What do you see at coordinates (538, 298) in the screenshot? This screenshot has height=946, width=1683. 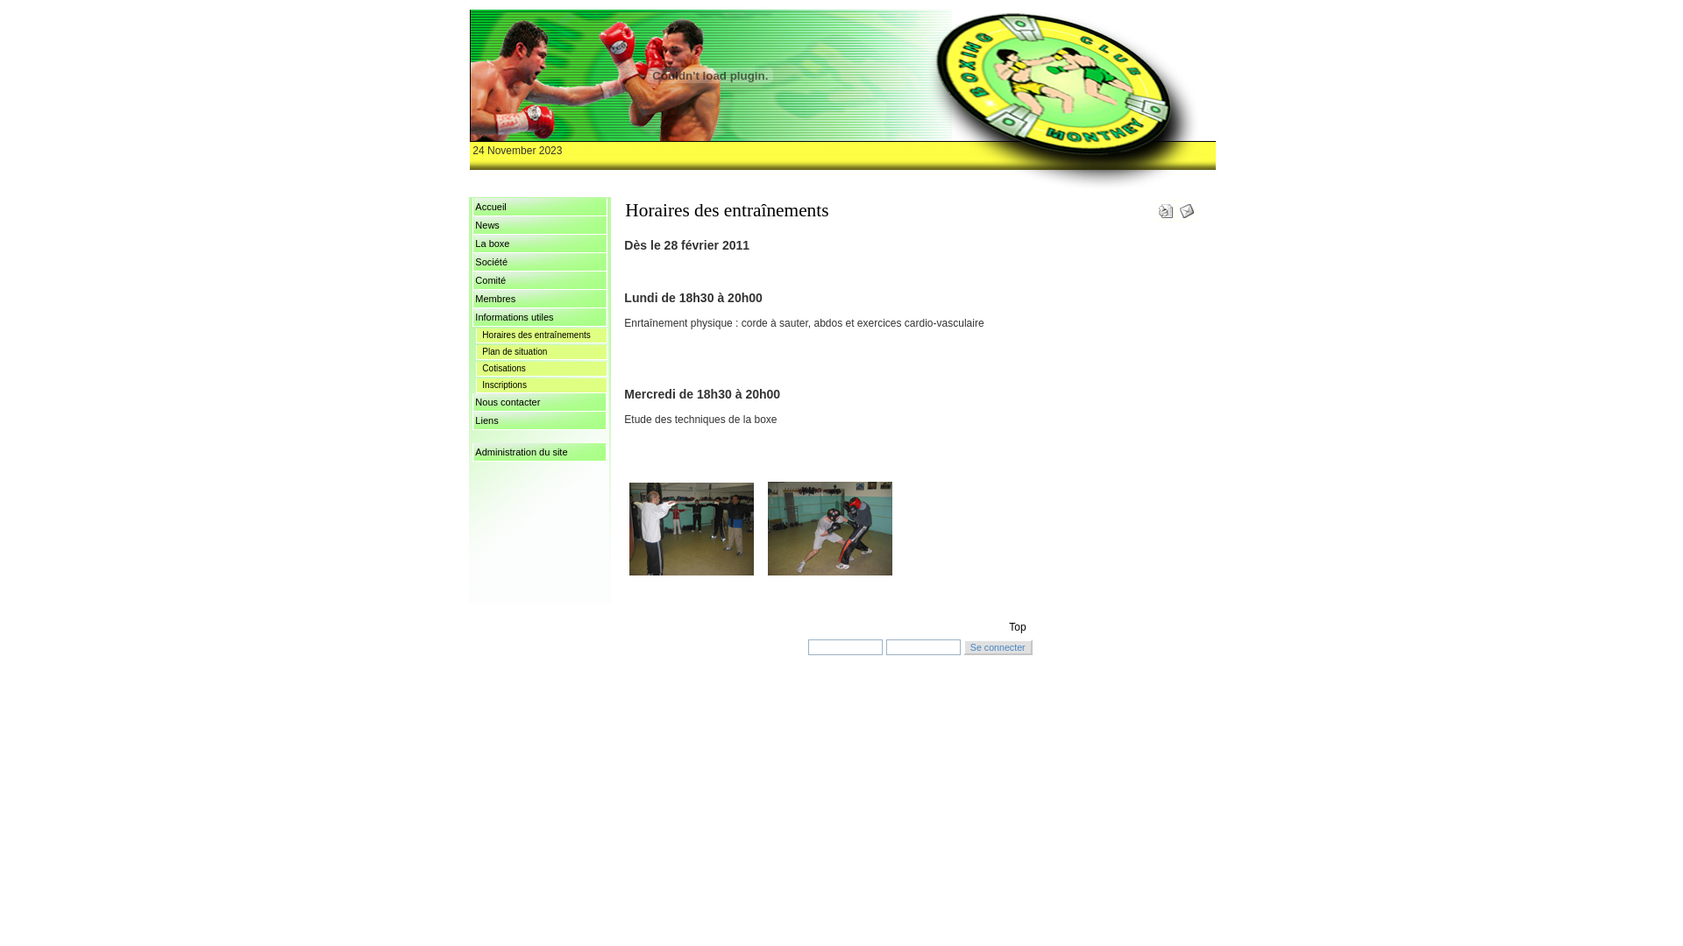 I see `'Membres'` at bounding box center [538, 298].